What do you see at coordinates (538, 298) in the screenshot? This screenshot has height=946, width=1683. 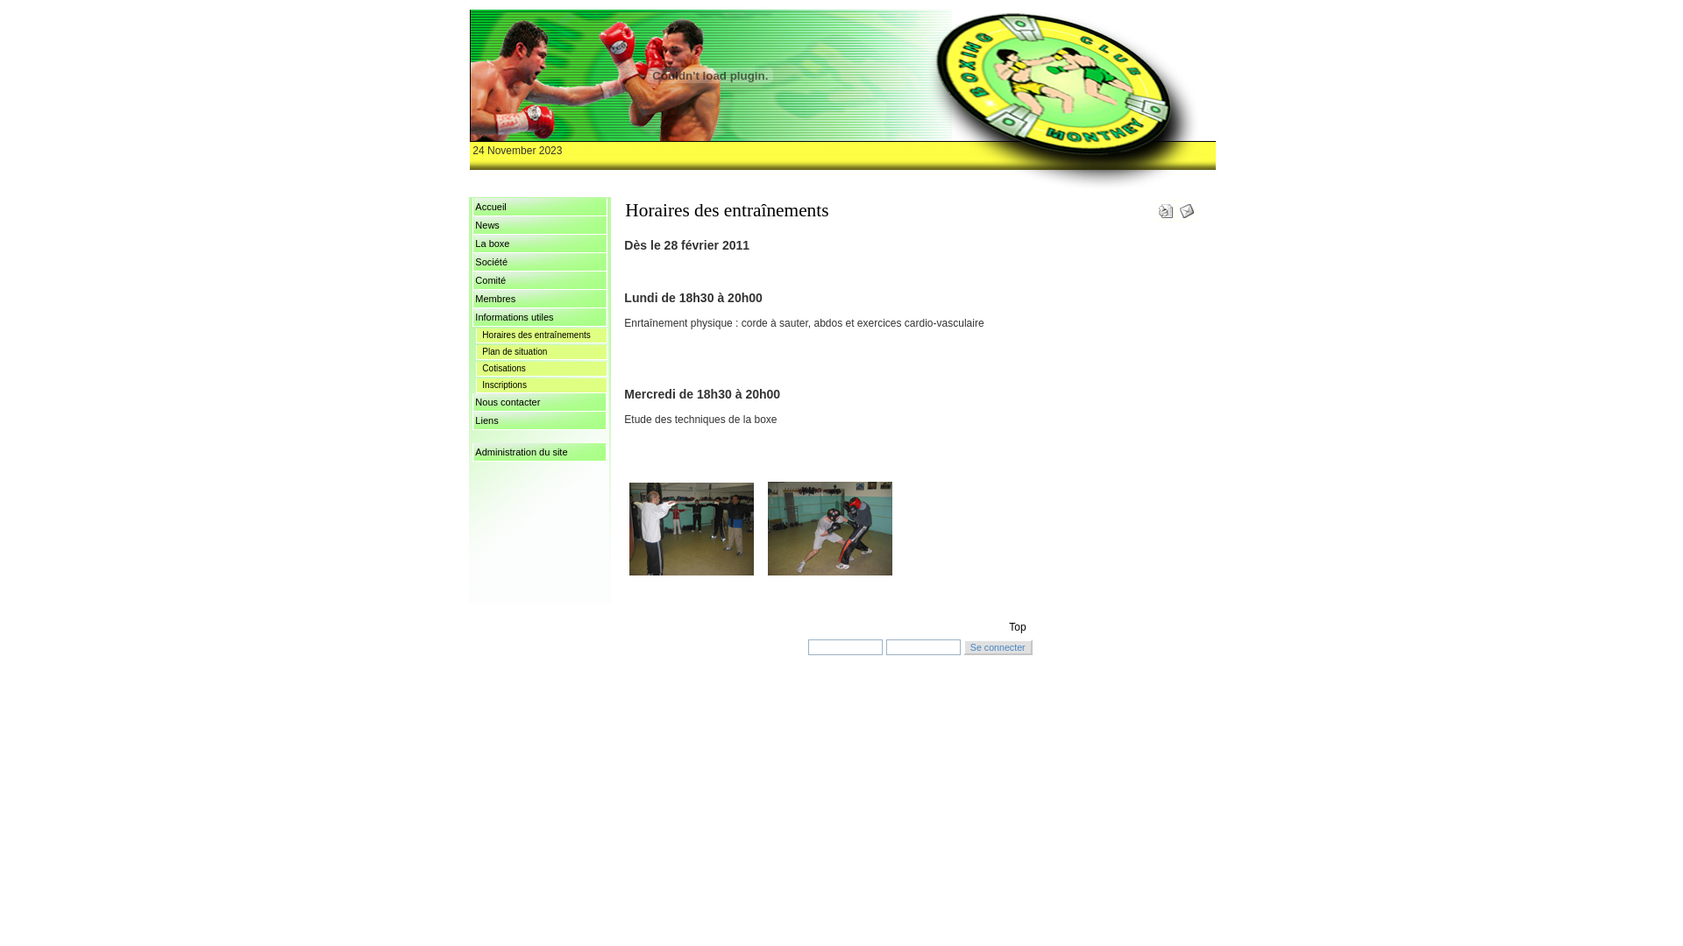 I see `'Membres'` at bounding box center [538, 298].